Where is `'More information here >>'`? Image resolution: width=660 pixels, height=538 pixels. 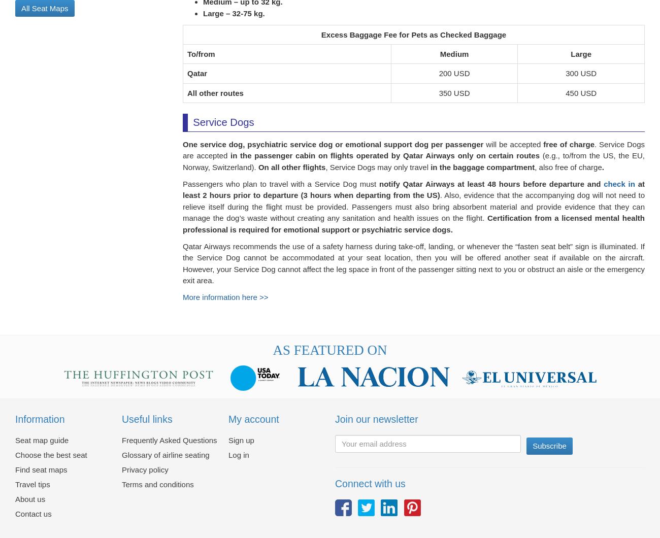 'More information here >>' is located at coordinates (224, 303).